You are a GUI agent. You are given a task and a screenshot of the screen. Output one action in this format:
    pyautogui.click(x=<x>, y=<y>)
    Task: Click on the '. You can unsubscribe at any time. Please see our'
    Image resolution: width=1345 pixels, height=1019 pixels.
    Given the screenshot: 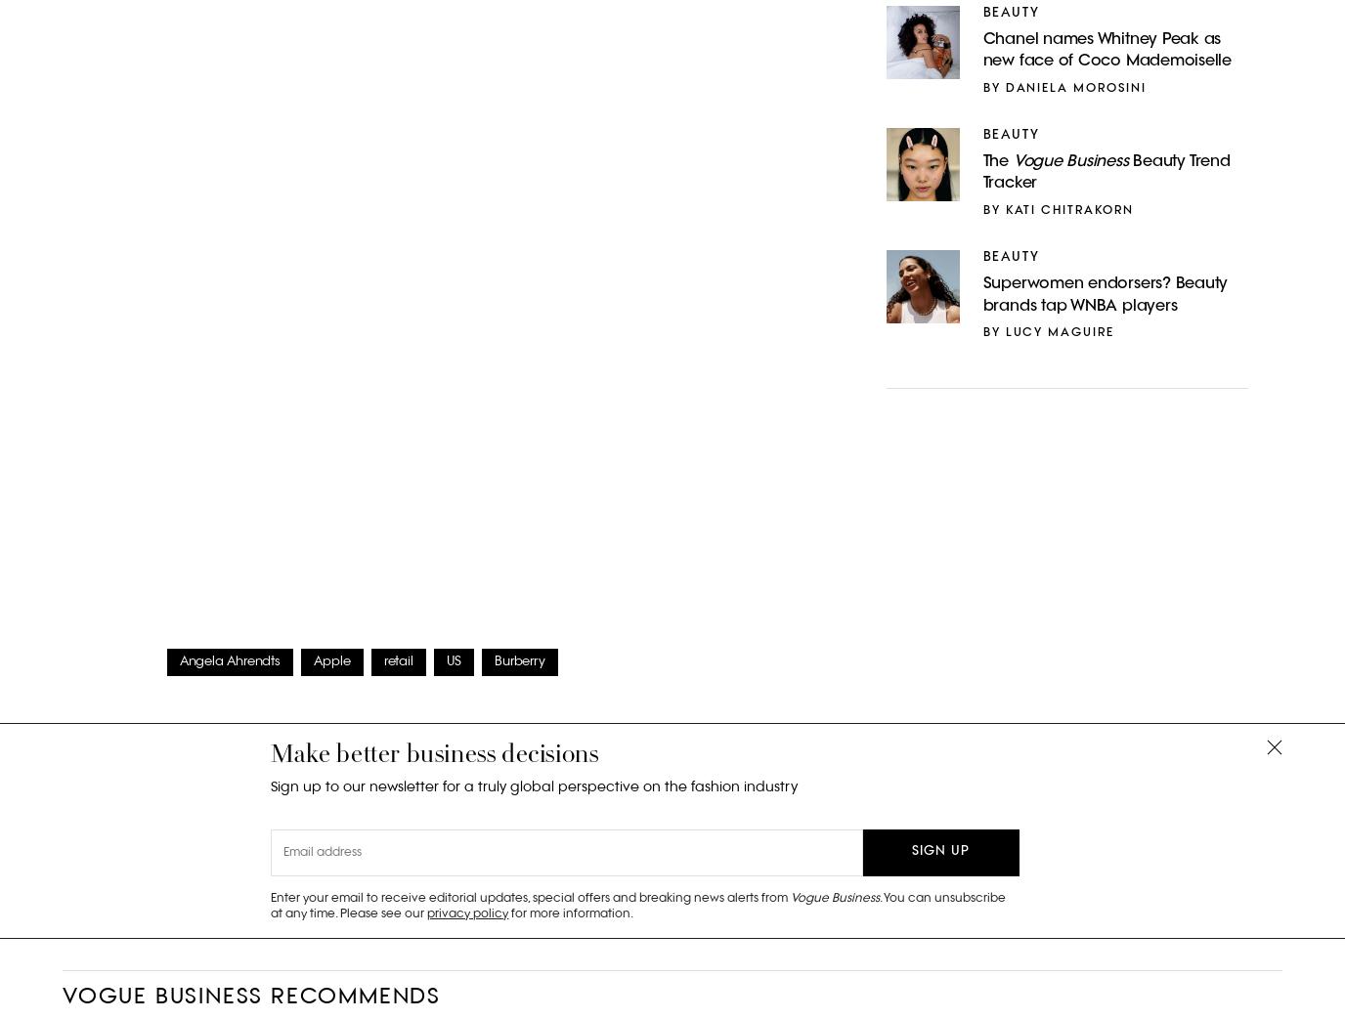 What is the action you would take?
    pyautogui.click(x=638, y=905)
    